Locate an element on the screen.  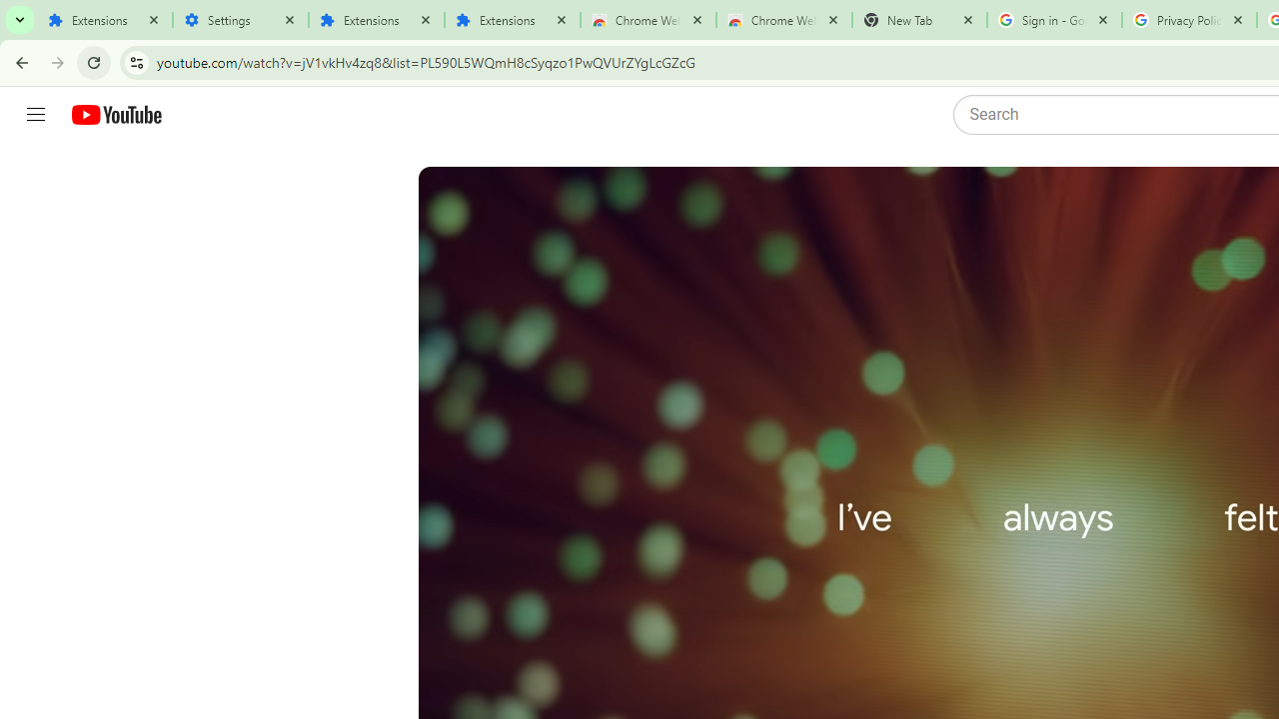
'YouTube Home' is located at coordinates (115, 115).